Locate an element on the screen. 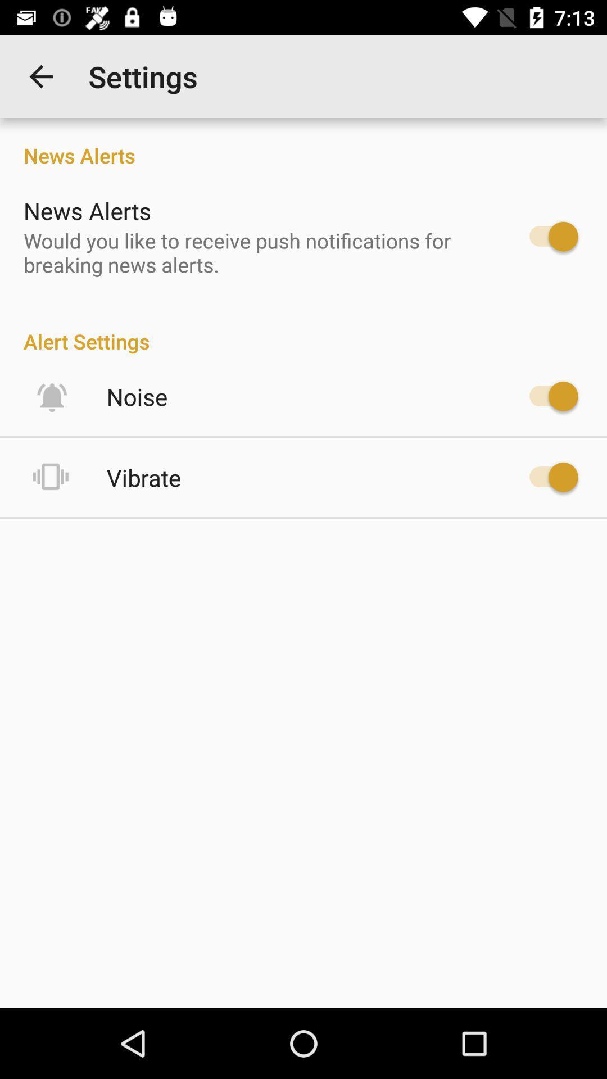 The width and height of the screenshot is (607, 1079). the would you like item is located at coordinates (256, 252).